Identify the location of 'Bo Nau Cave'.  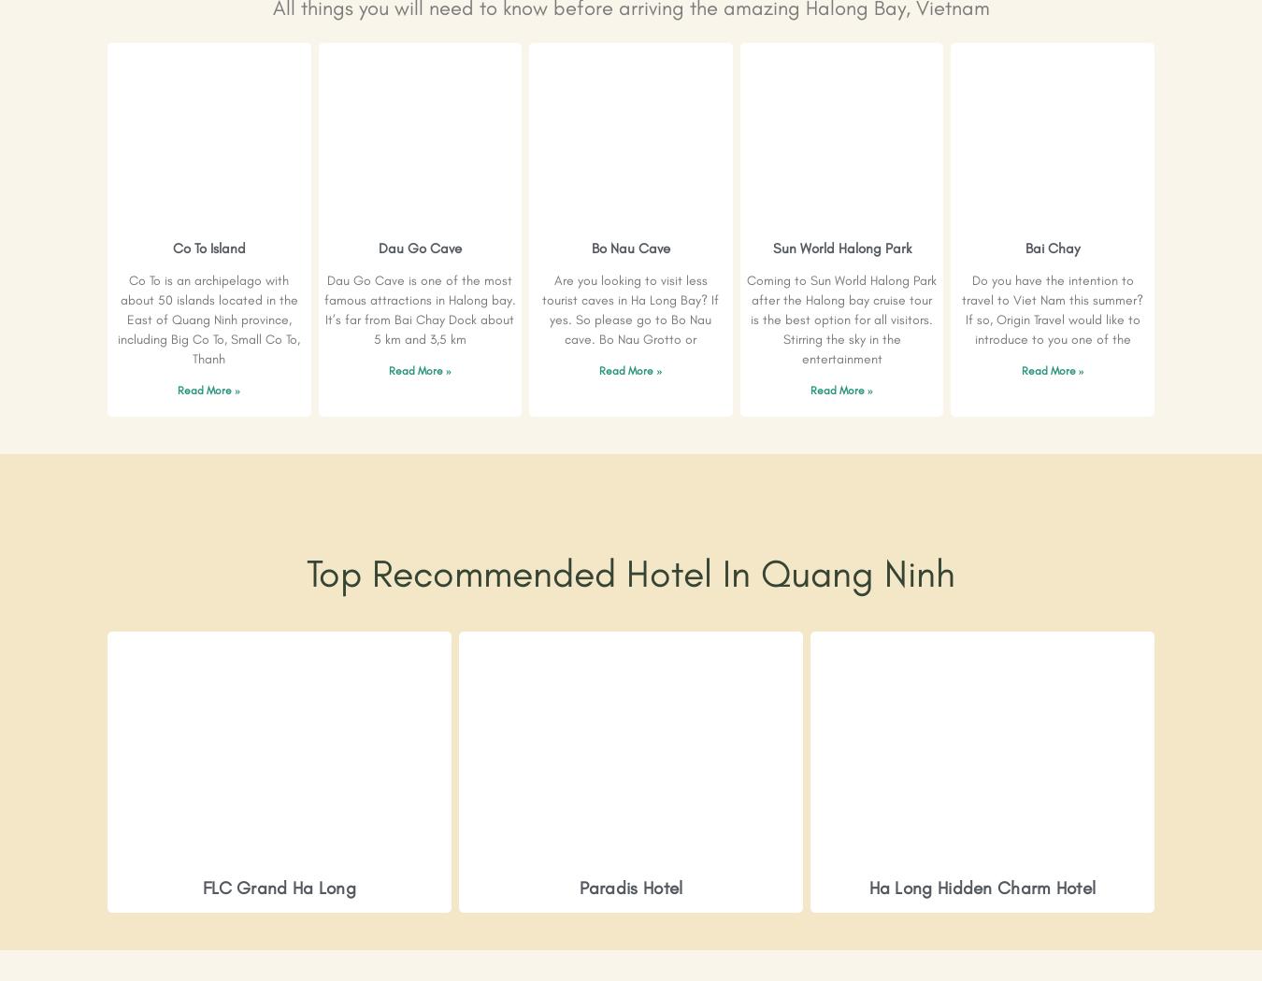
(630, 248).